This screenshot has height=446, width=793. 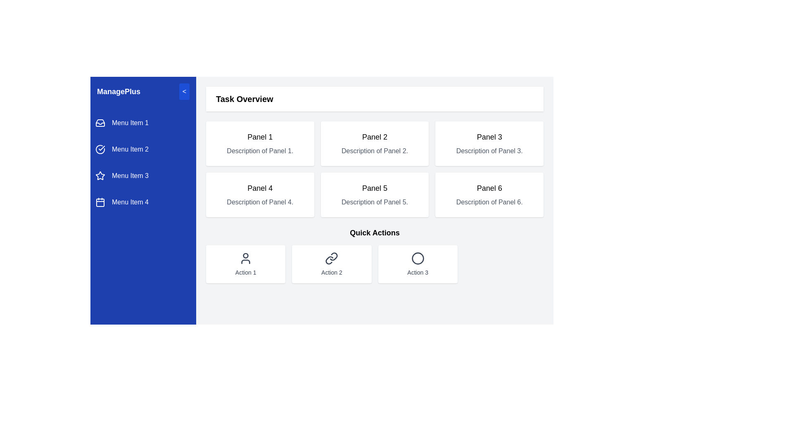 What do you see at coordinates (130, 149) in the screenshot?
I see `the area surrounding the text label displaying 'Menu Item 2'` at bounding box center [130, 149].